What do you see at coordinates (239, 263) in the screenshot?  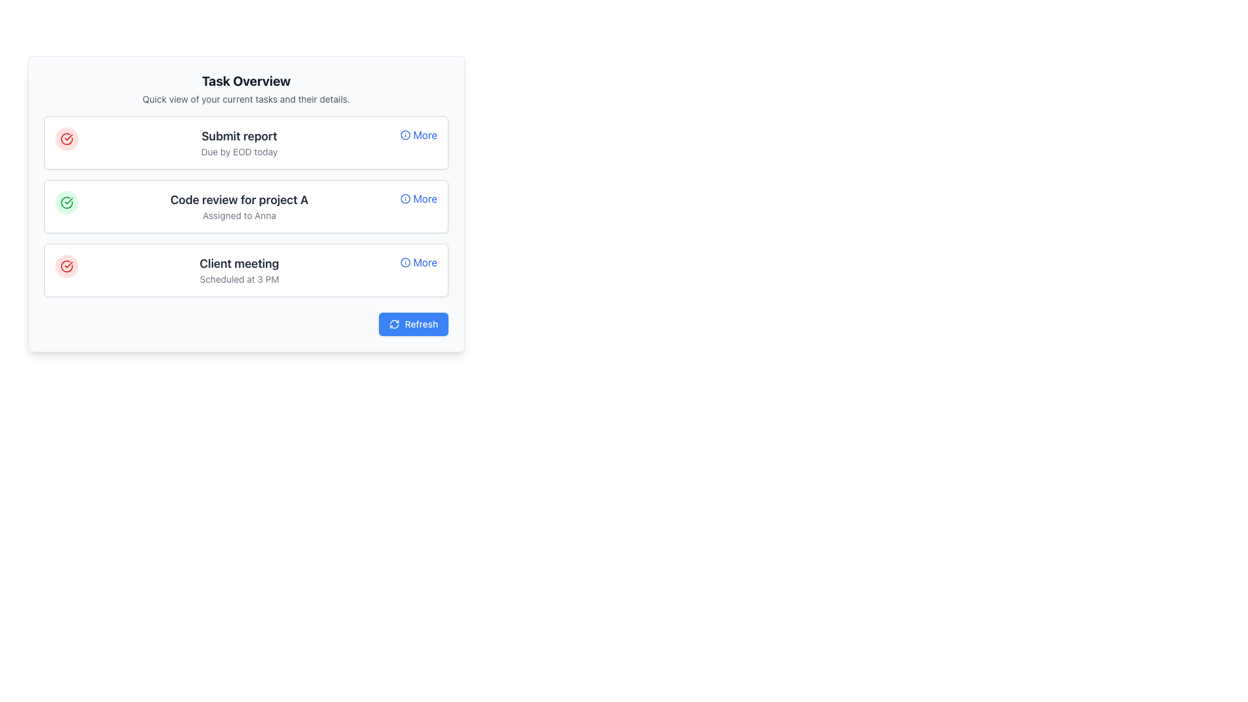 I see `the static text element that serves as the title for a scheduled task or meeting, located above the secondary text 'Scheduled at 3 PM', positioned centrally at the top of the task card component` at bounding box center [239, 263].